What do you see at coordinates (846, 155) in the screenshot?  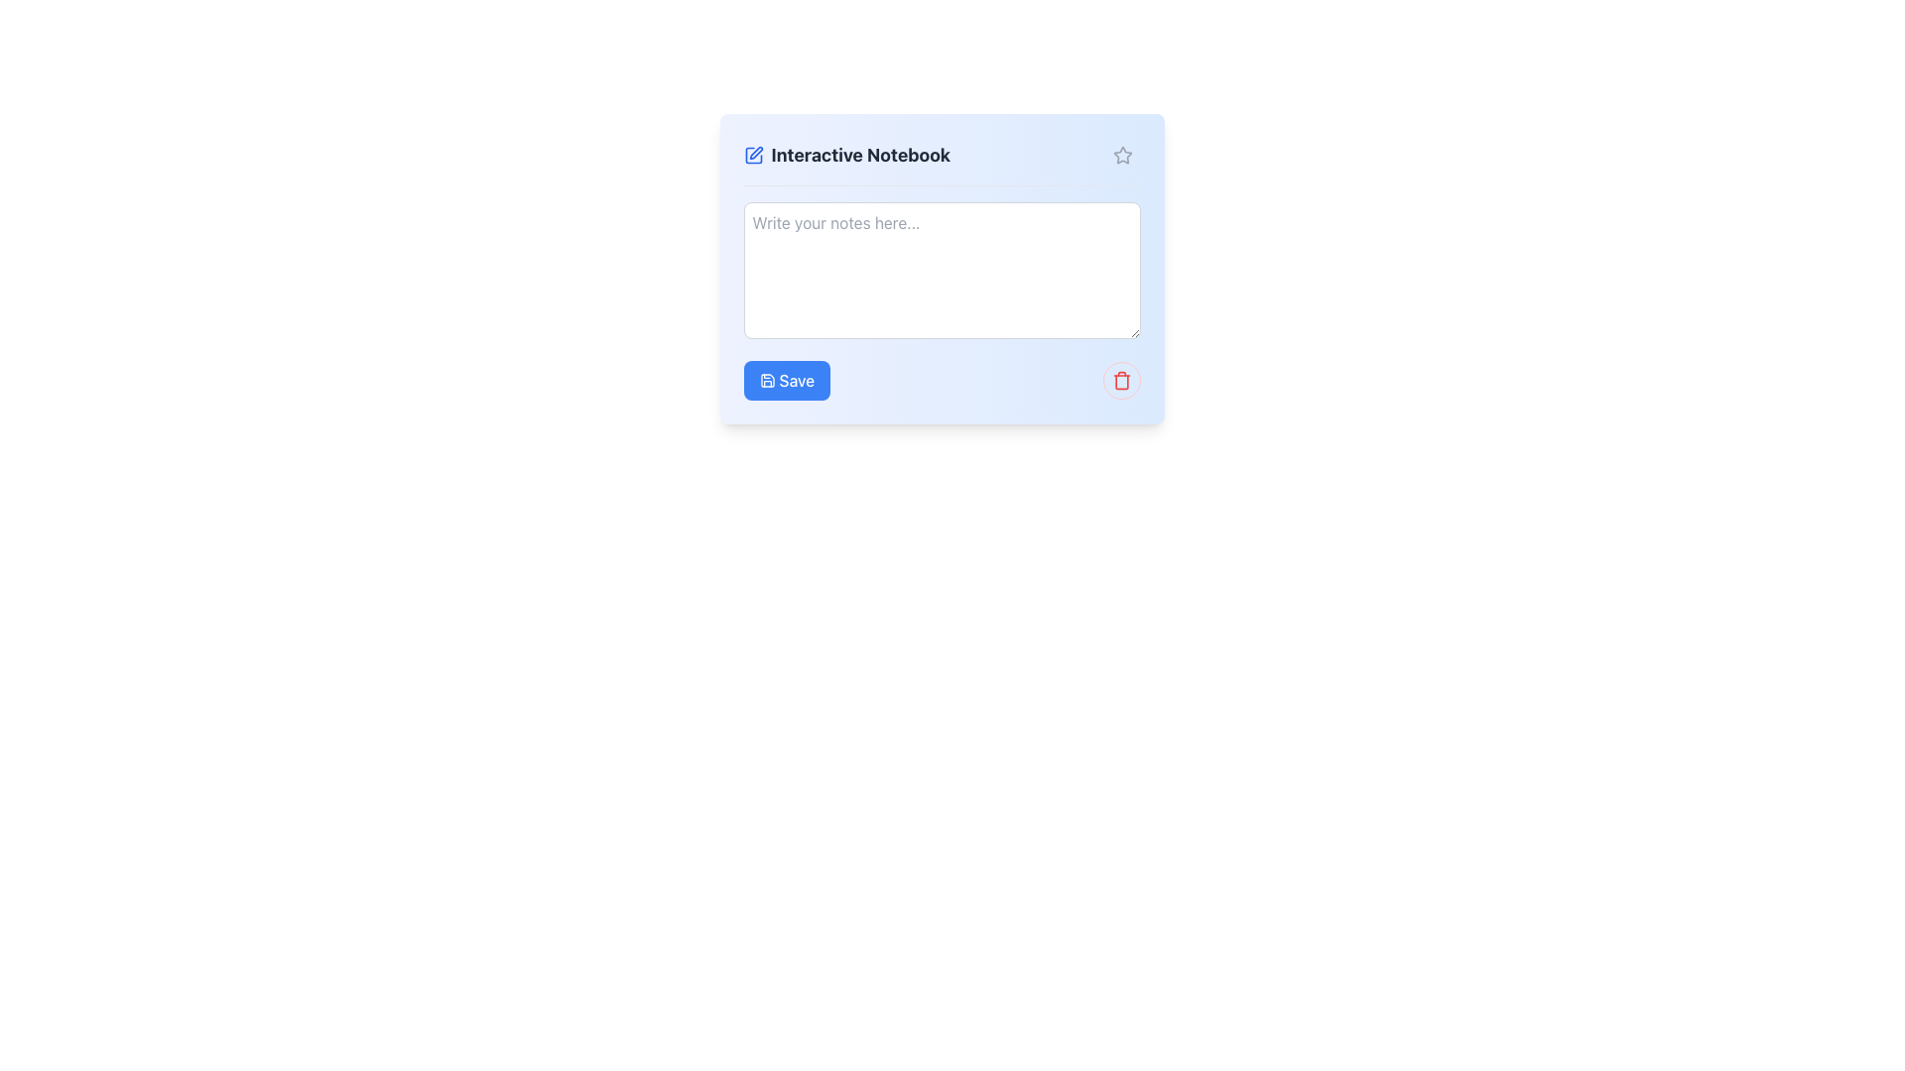 I see `the 'Interactive Notebook' label with a blue pen icon located at the top-left of the card interface, positioned within the title section above the input and buttons` at bounding box center [846, 155].